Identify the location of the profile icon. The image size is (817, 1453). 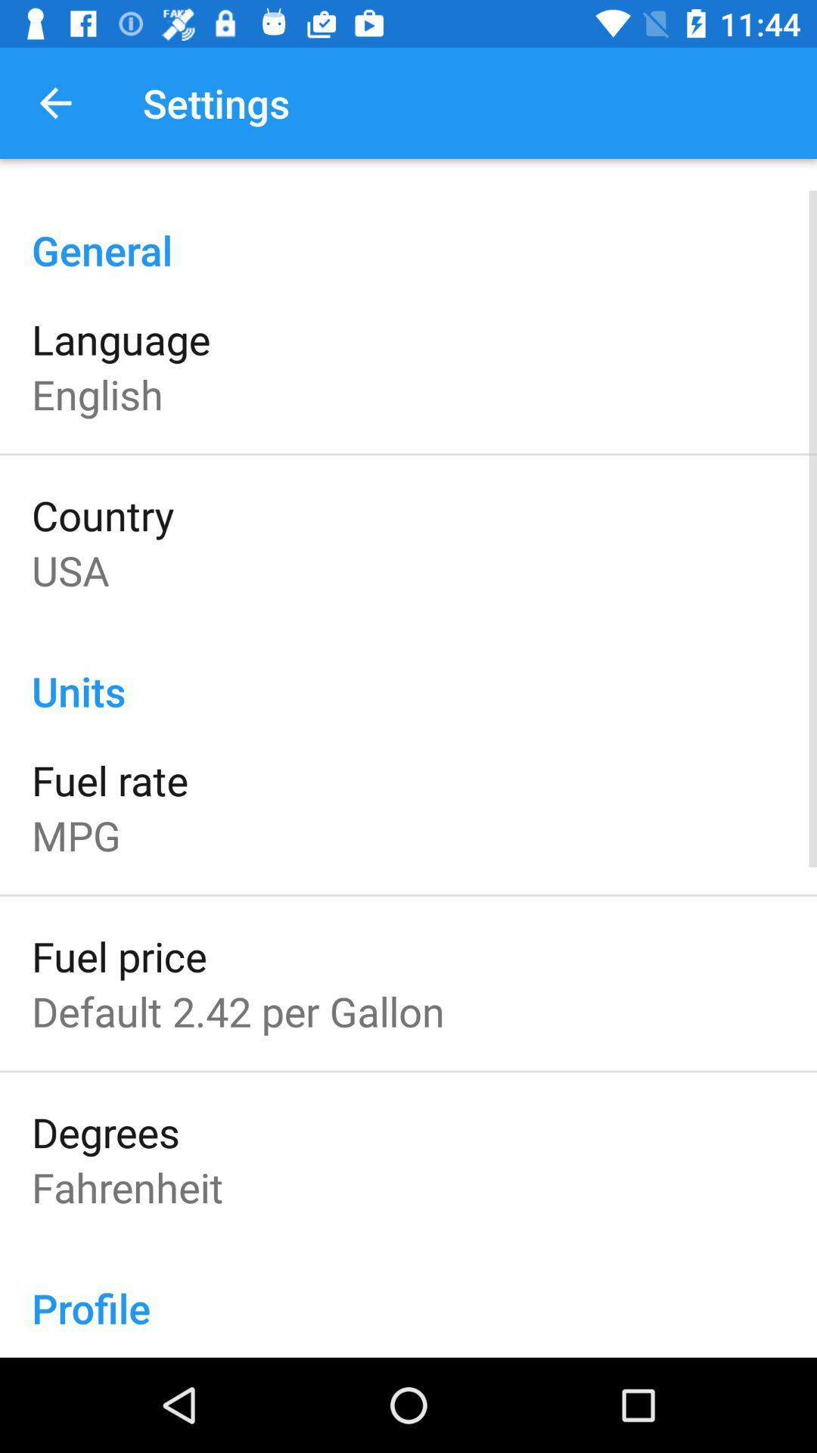
(408, 1291).